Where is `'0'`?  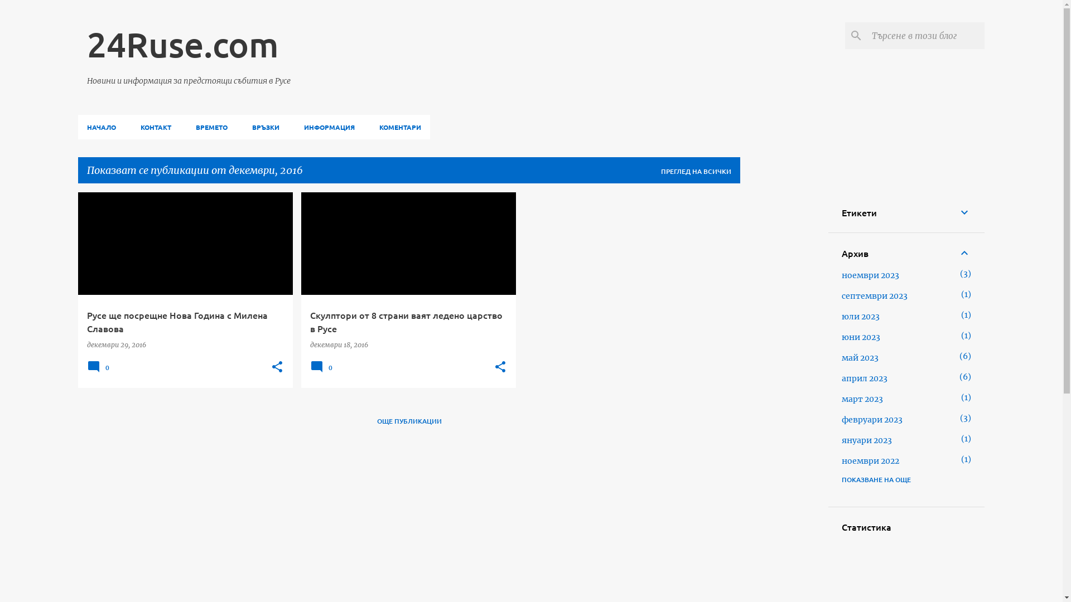
'0' is located at coordinates (99, 371).